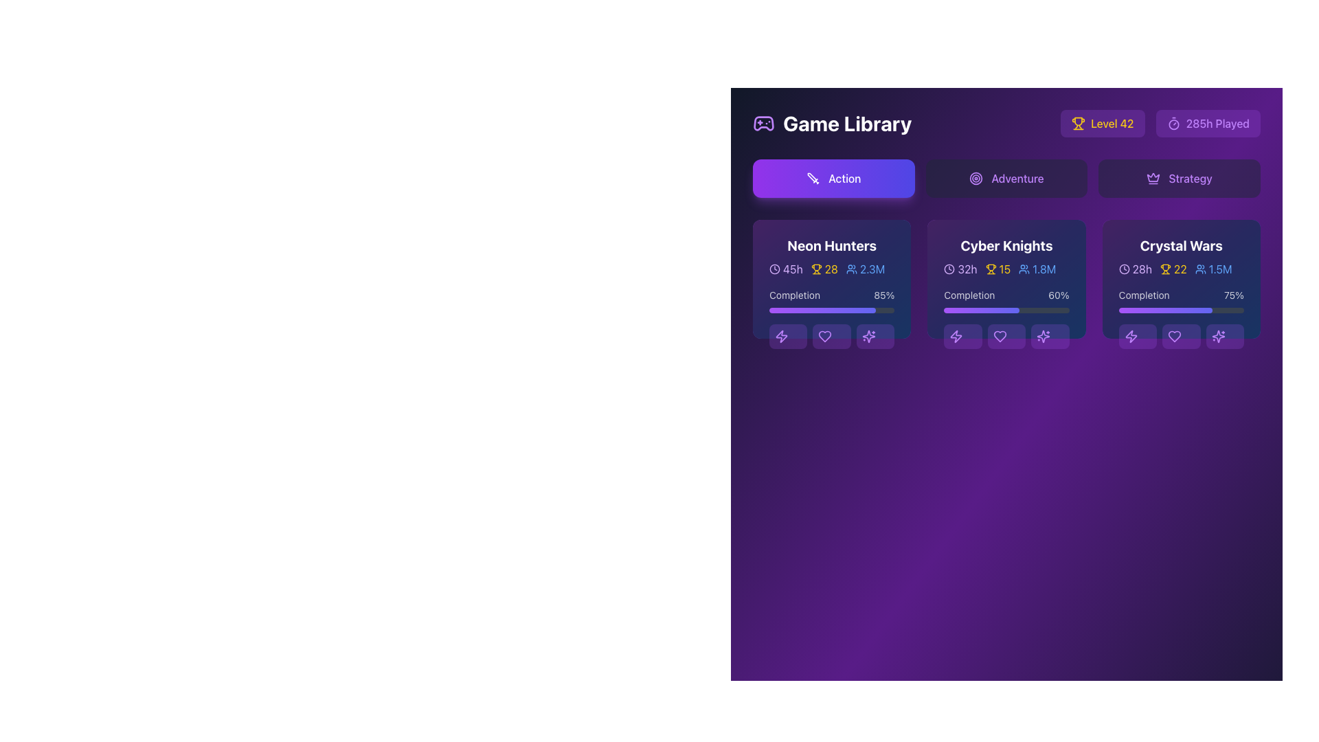  What do you see at coordinates (1024, 269) in the screenshot?
I see `the small blue icon resembling a group of people located in the 'Cyber Knights' card, positioned to the left of the text '1.8M'` at bounding box center [1024, 269].